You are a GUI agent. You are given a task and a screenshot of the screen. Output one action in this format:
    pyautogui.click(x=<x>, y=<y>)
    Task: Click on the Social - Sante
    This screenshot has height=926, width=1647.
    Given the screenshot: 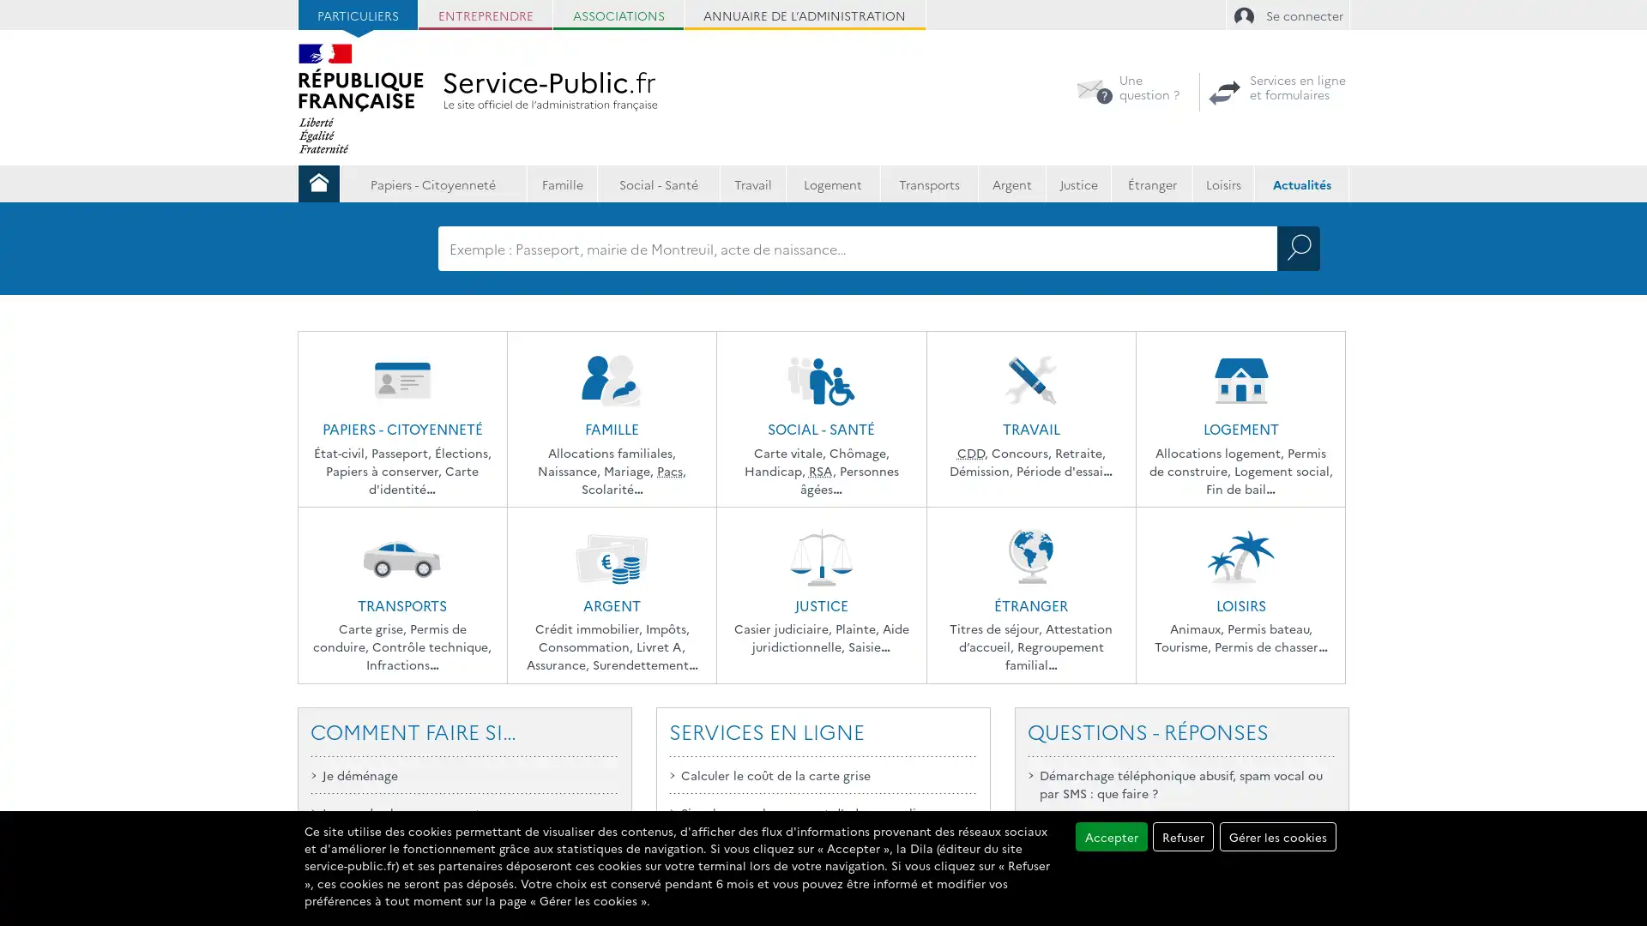 What is the action you would take?
    pyautogui.click(x=658, y=183)
    